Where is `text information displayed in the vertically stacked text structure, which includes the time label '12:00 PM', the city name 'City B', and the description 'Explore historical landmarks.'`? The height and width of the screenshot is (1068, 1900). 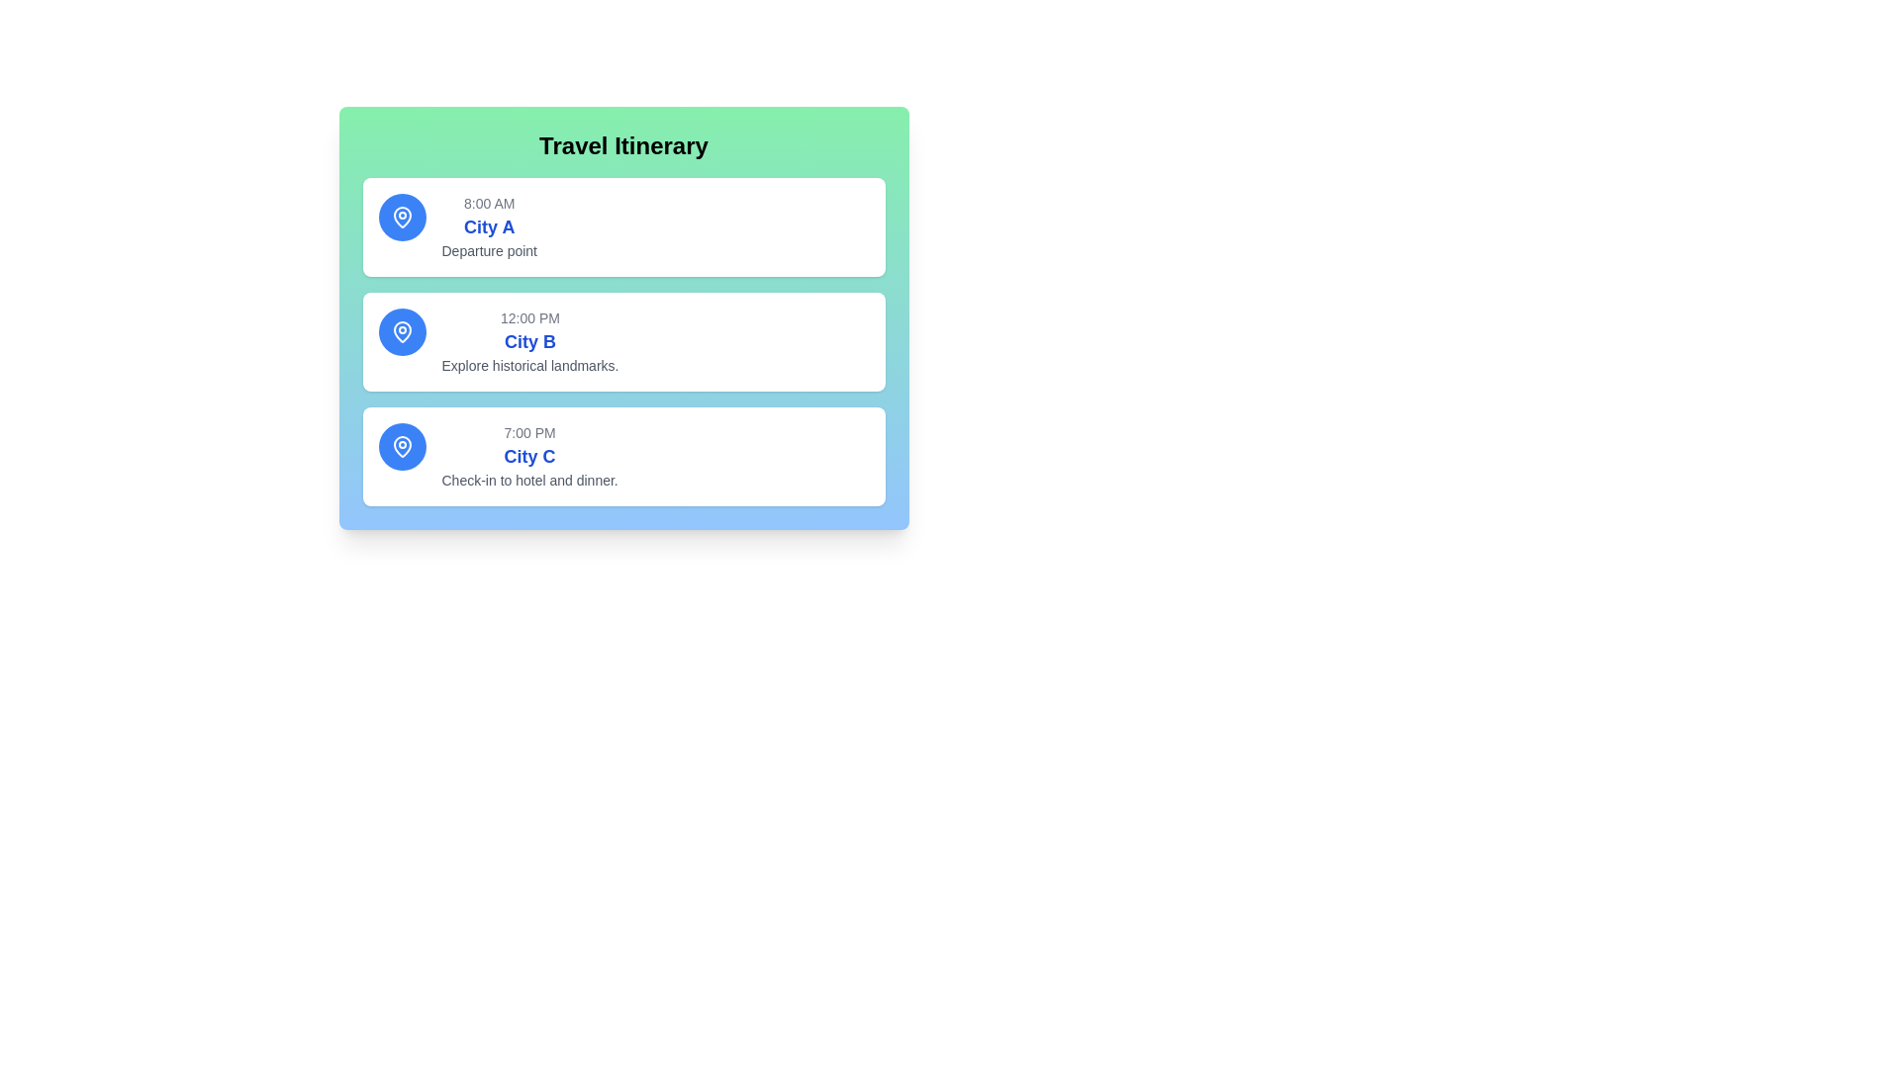
text information displayed in the vertically stacked text structure, which includes the time label '12:00 PM', the city name 'City B', and the description 'Explore historical landmarks.' is located at coordinates (530, 341).